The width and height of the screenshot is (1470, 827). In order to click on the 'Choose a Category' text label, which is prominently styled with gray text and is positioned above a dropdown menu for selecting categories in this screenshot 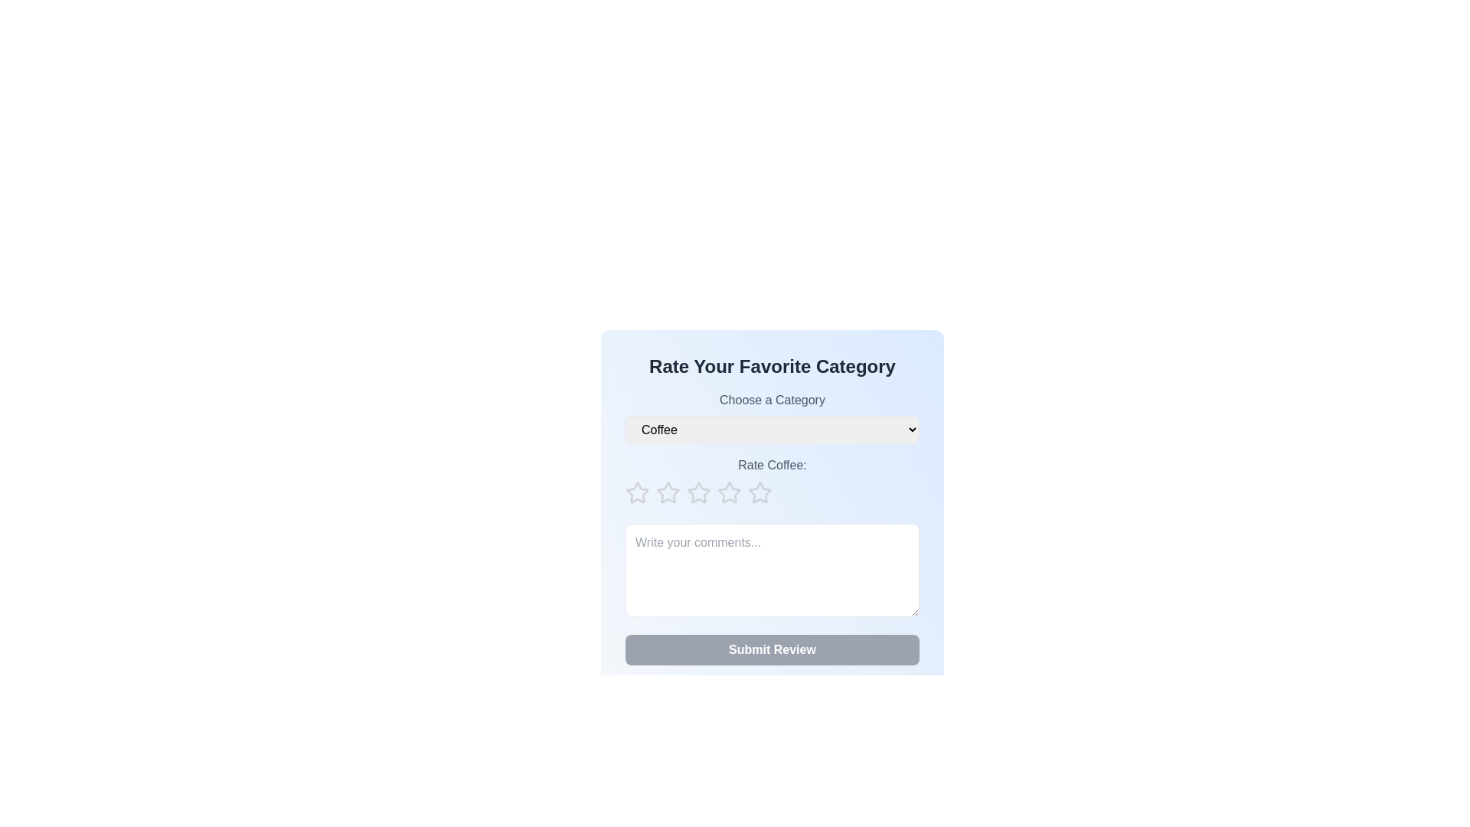, I will do `click(772, 400)`.